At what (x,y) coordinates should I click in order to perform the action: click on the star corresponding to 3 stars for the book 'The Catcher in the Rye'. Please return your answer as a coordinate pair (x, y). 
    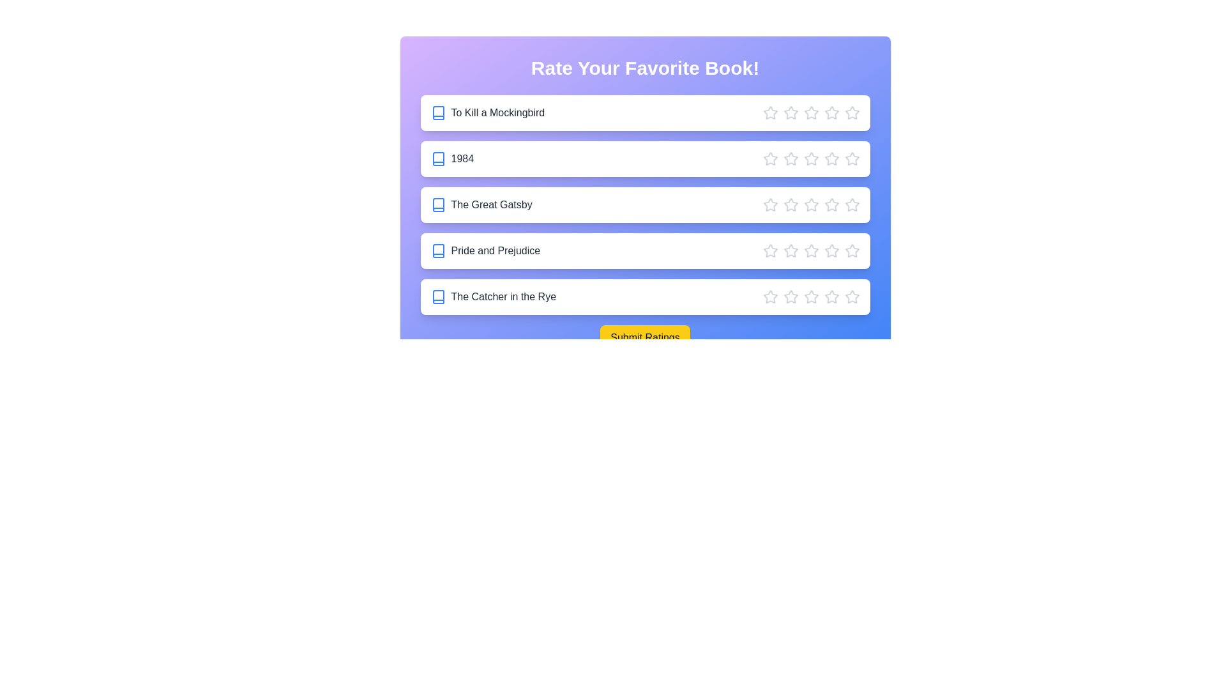
    Looking at the image, I should click on (810, 297).